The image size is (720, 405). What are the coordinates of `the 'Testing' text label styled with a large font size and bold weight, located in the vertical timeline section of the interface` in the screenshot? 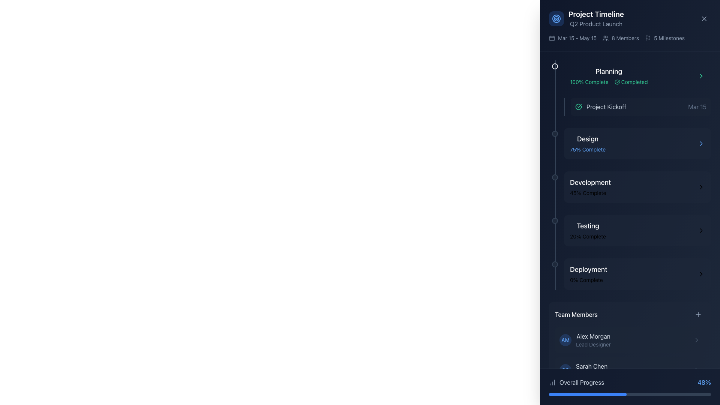 It's located at (587, 225).